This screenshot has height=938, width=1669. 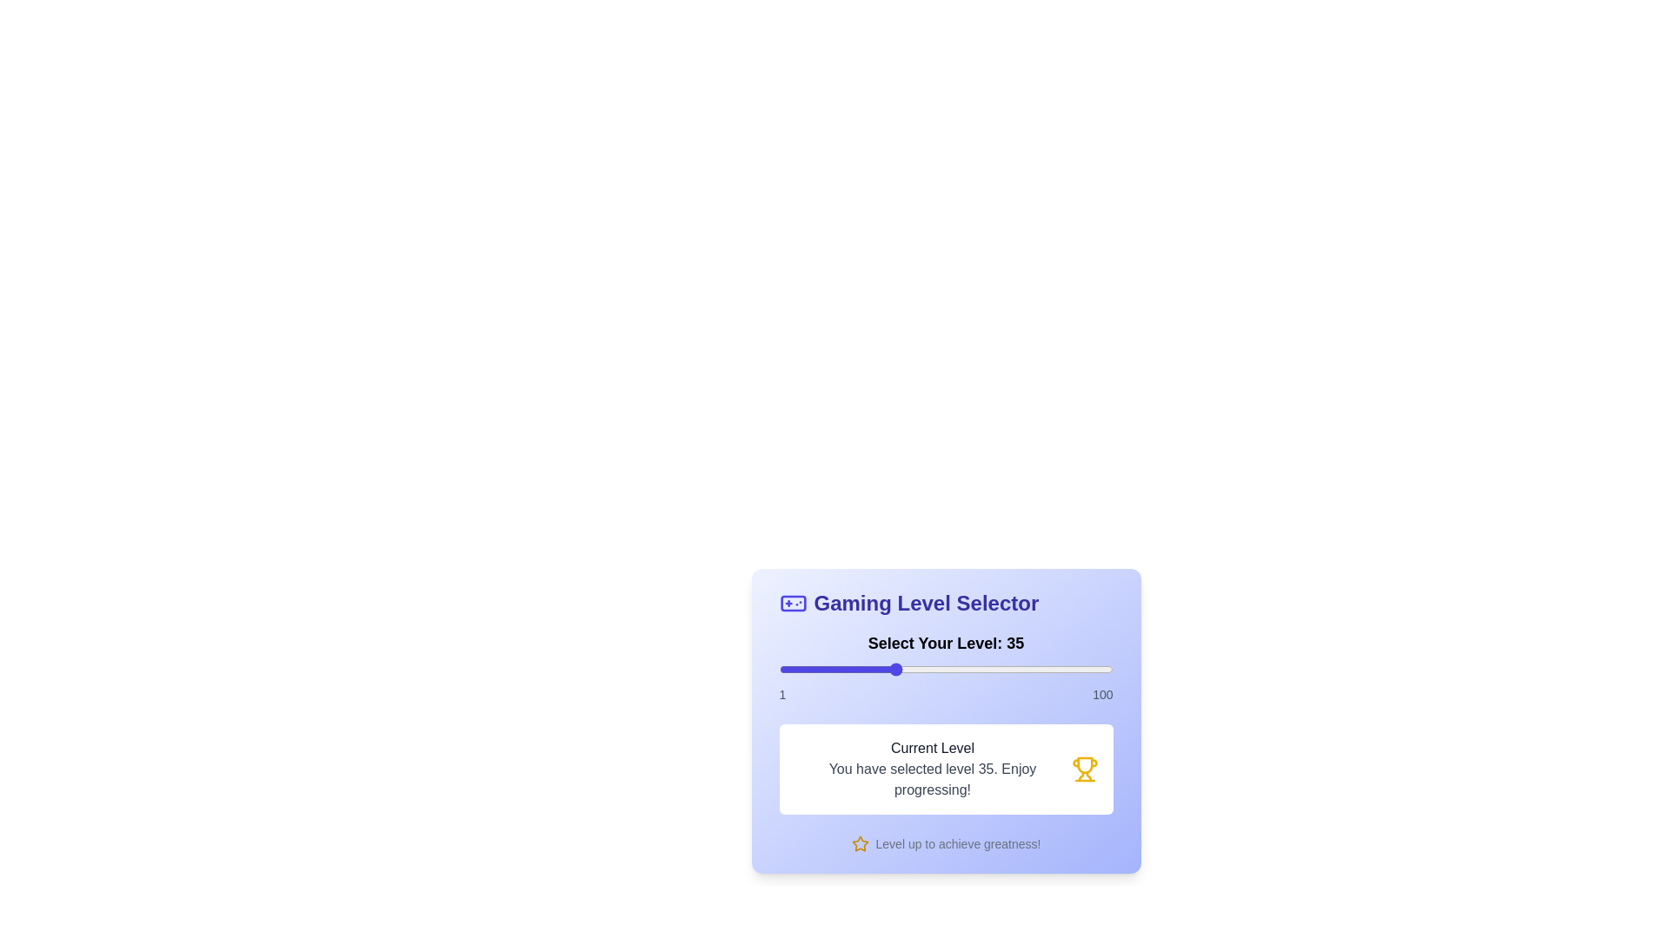 I want to click on the level, so click(x=963, y=669).